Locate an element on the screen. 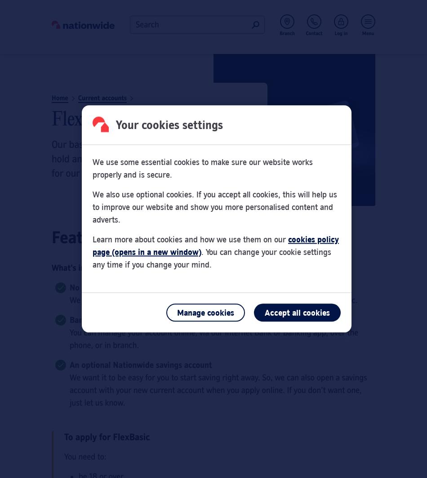  'To apply for FlexBasic' is located at coordinates (107, 436).